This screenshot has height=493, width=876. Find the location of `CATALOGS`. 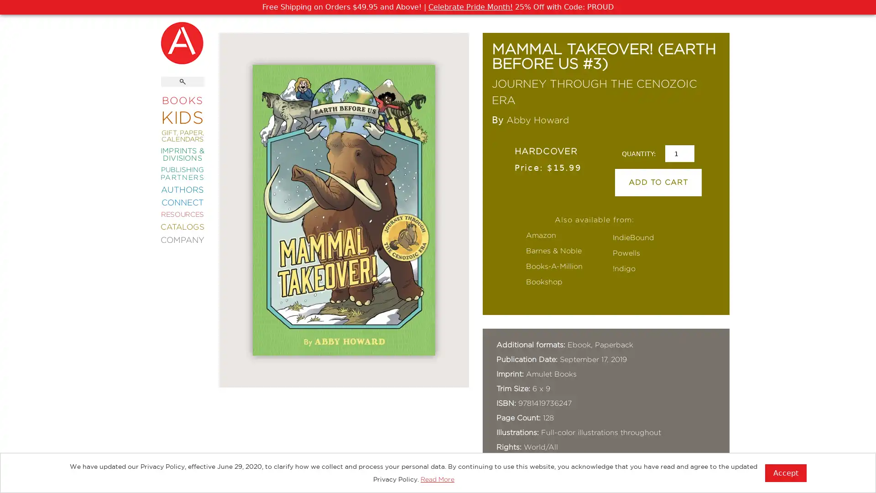

CATALOGS is located at coordinates (182, 226).